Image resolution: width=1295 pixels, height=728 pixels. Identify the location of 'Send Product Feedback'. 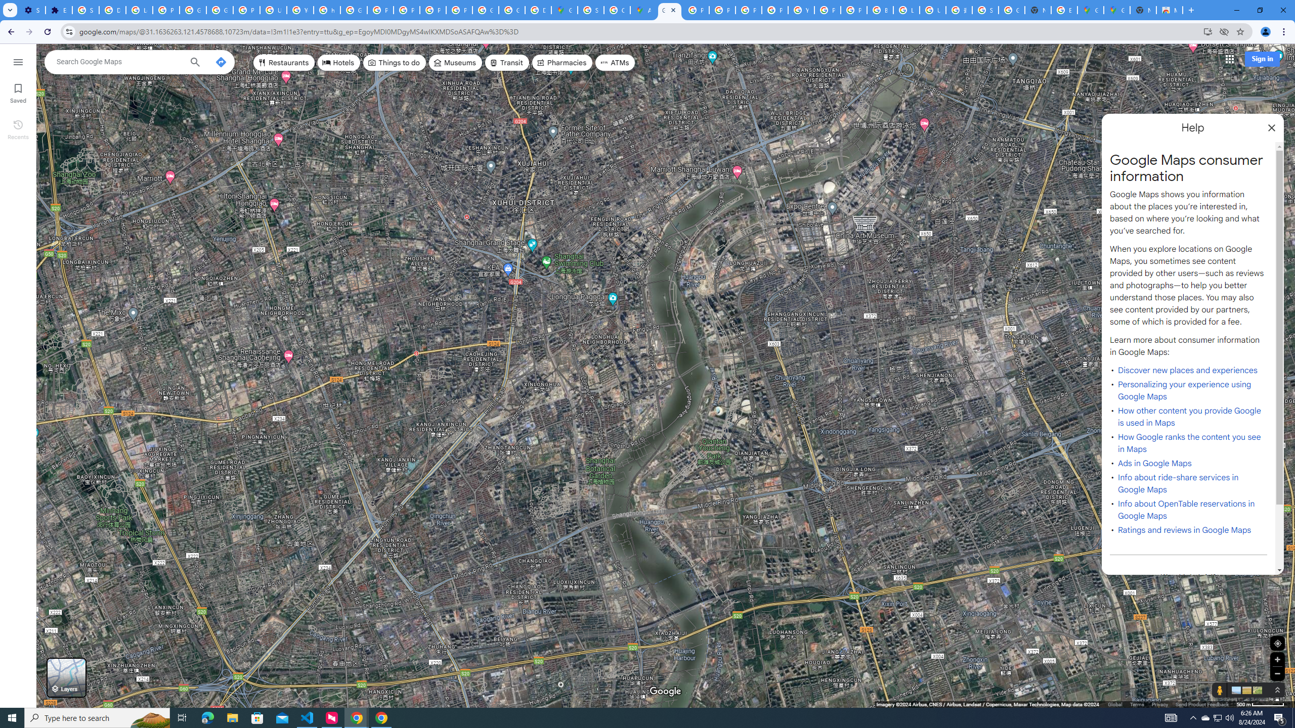
(1202, 704).